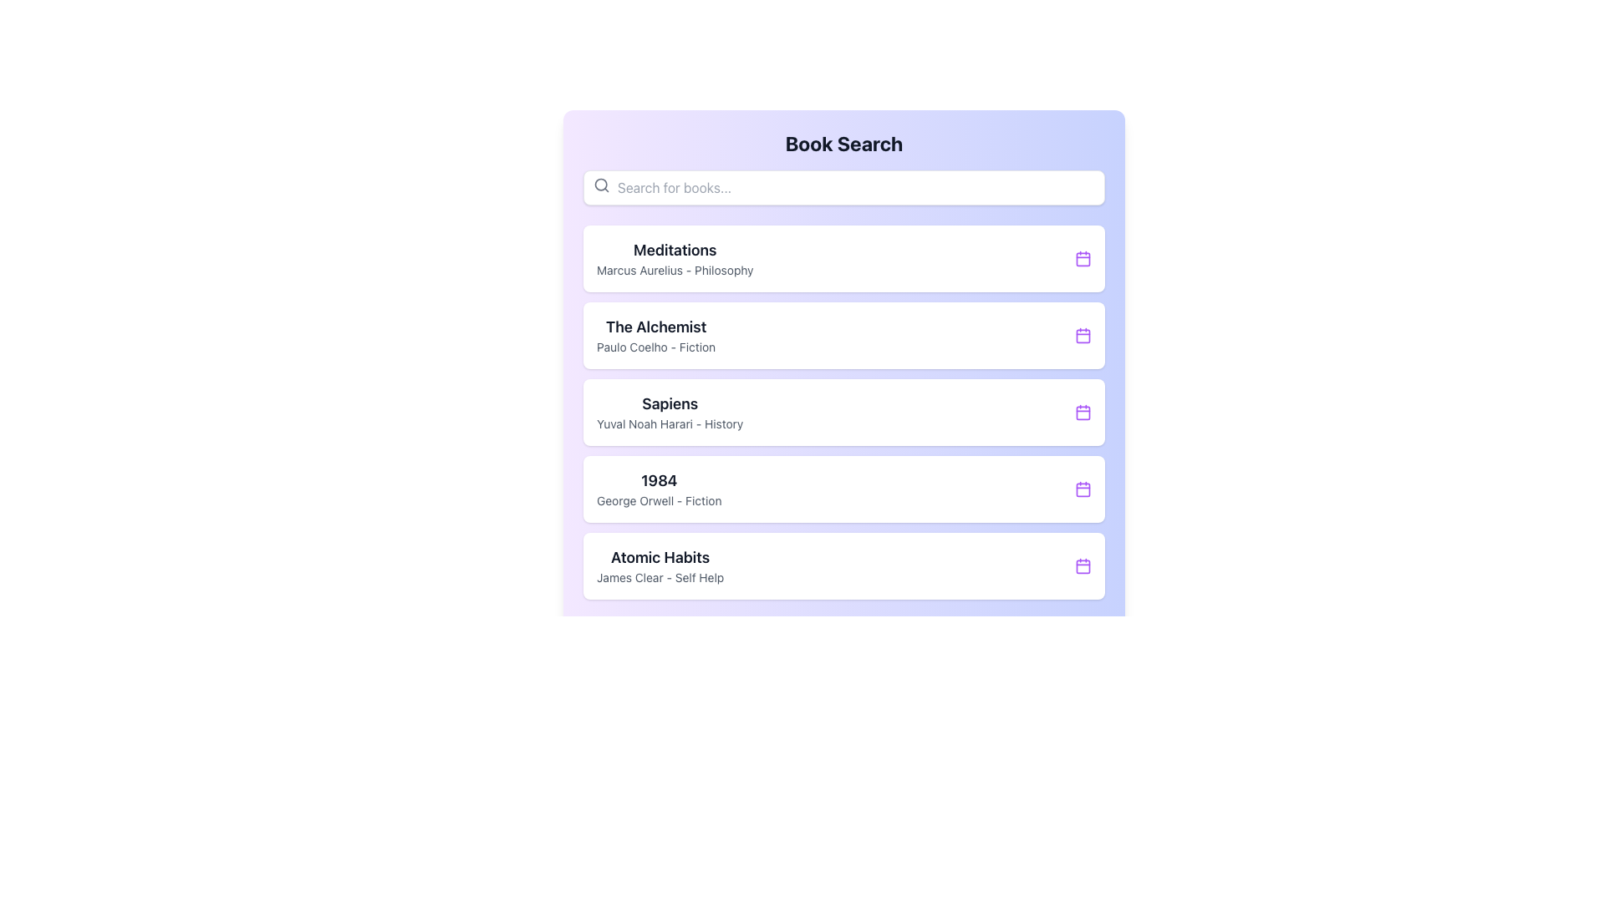 This screenshot has height=902, width=1605. I want to click on the magnifying glass icon that represents the search functionality, located inside the search text box towards the top-left corner, to indicate its purpose for users, so click(602, 185).